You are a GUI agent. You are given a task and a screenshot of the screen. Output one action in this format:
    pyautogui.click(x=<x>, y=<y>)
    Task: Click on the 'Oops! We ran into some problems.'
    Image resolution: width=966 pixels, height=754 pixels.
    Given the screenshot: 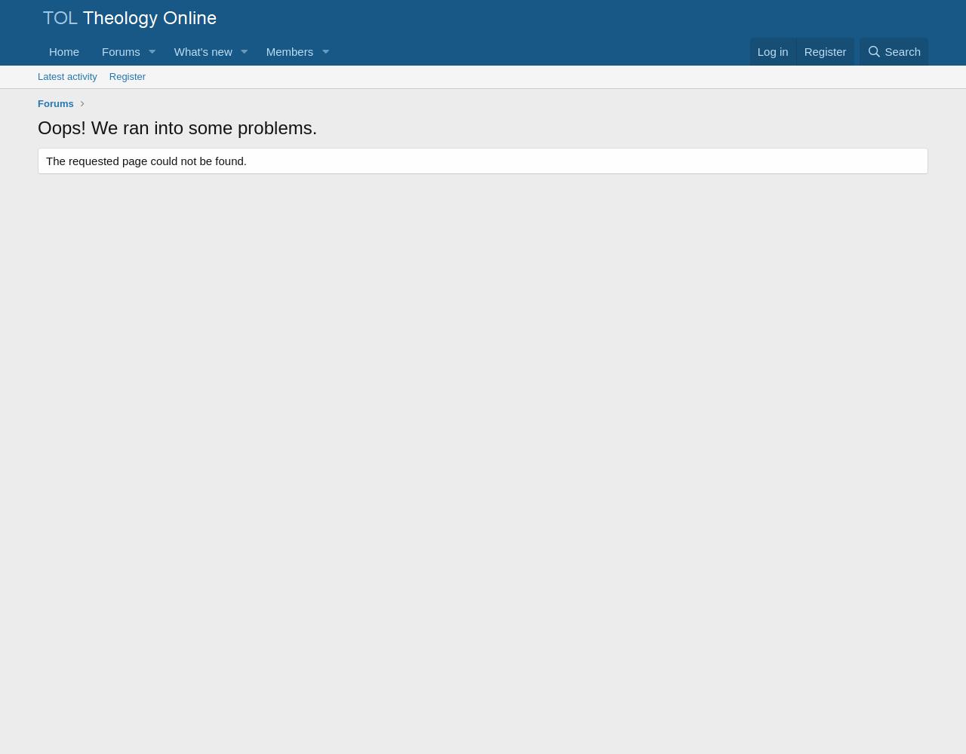 What is the action you would take?
    pyautogui.click(x=177, y=127)
    